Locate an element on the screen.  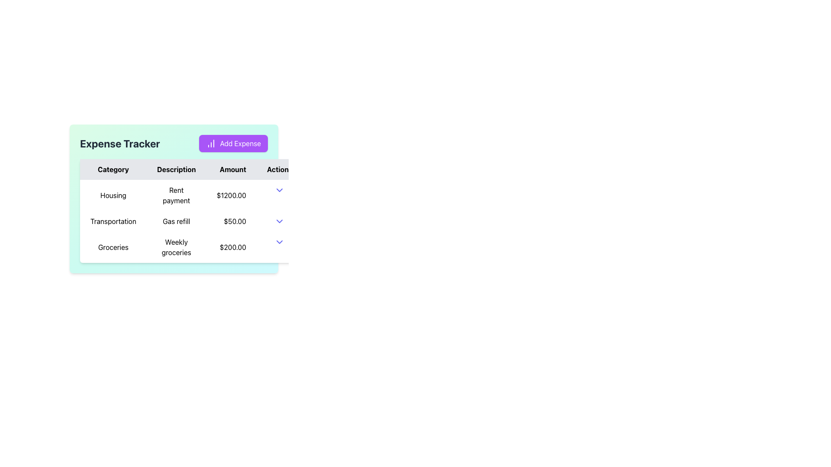
the Dropdown toggle icon located in the bottom-right cell of the 'Transportation' row under the 'Action' header is located at coordinates (280, 221).